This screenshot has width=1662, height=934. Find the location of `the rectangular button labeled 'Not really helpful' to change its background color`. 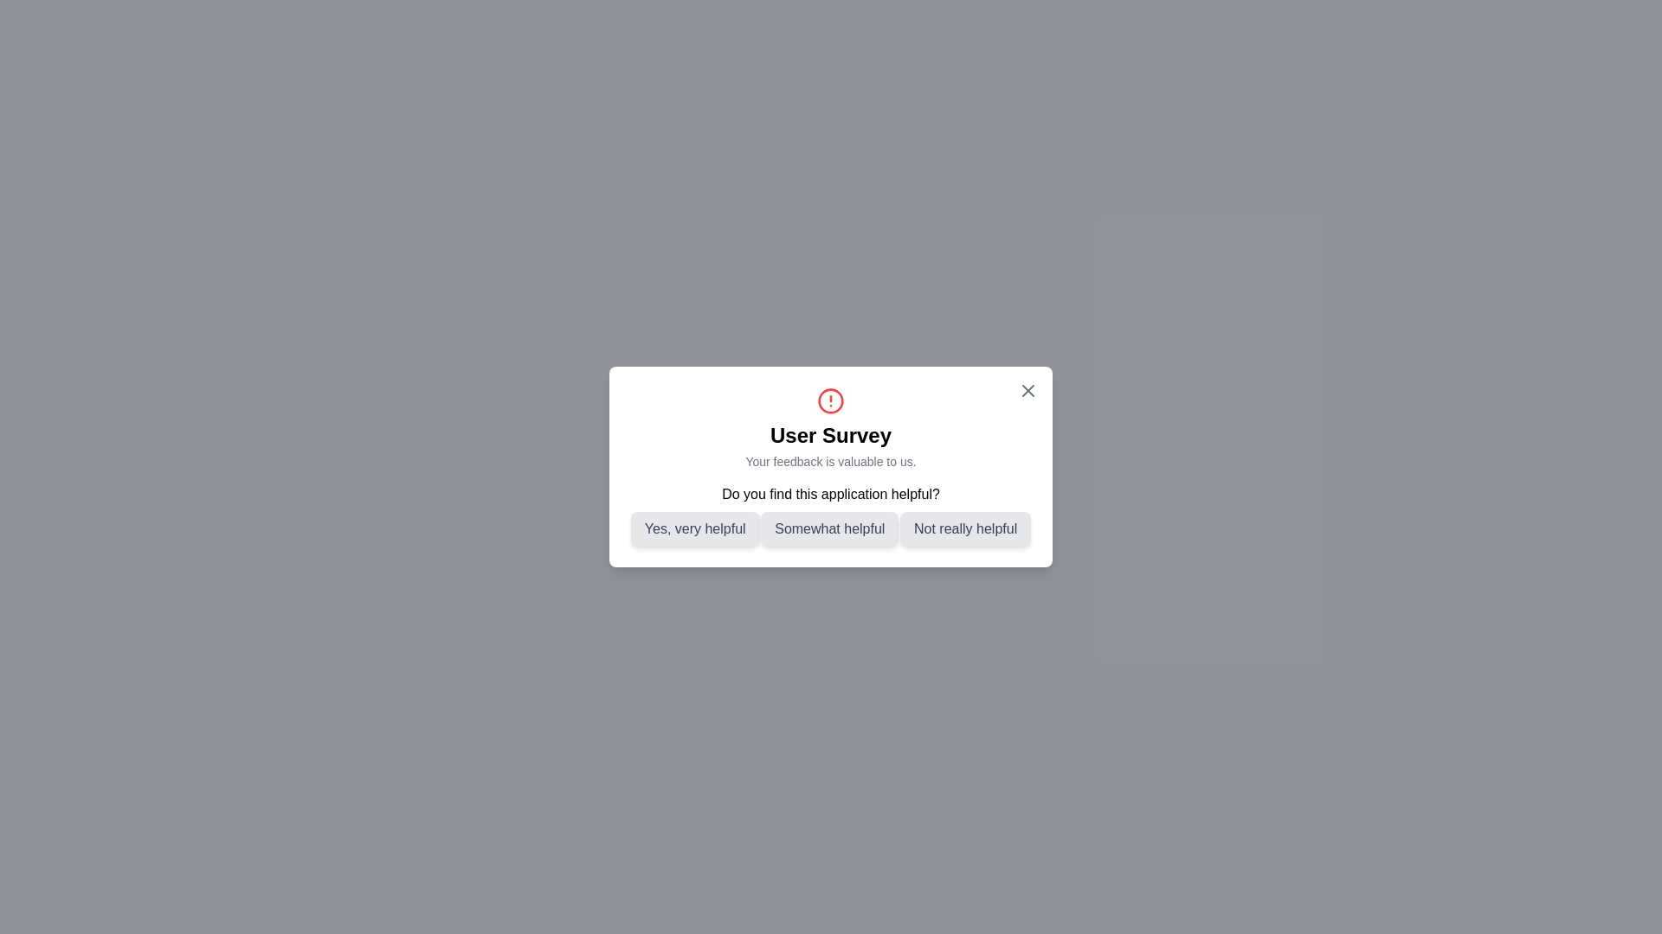

the rectangular button labeled 'Not really helpful' to change its background color is located at coordinates (964, 528).